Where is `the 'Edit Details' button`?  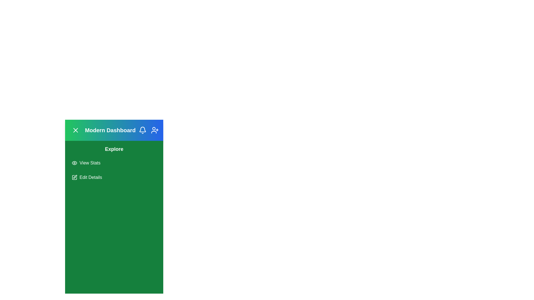 the 'Edit Details' button is located at coordinates (86, 177).